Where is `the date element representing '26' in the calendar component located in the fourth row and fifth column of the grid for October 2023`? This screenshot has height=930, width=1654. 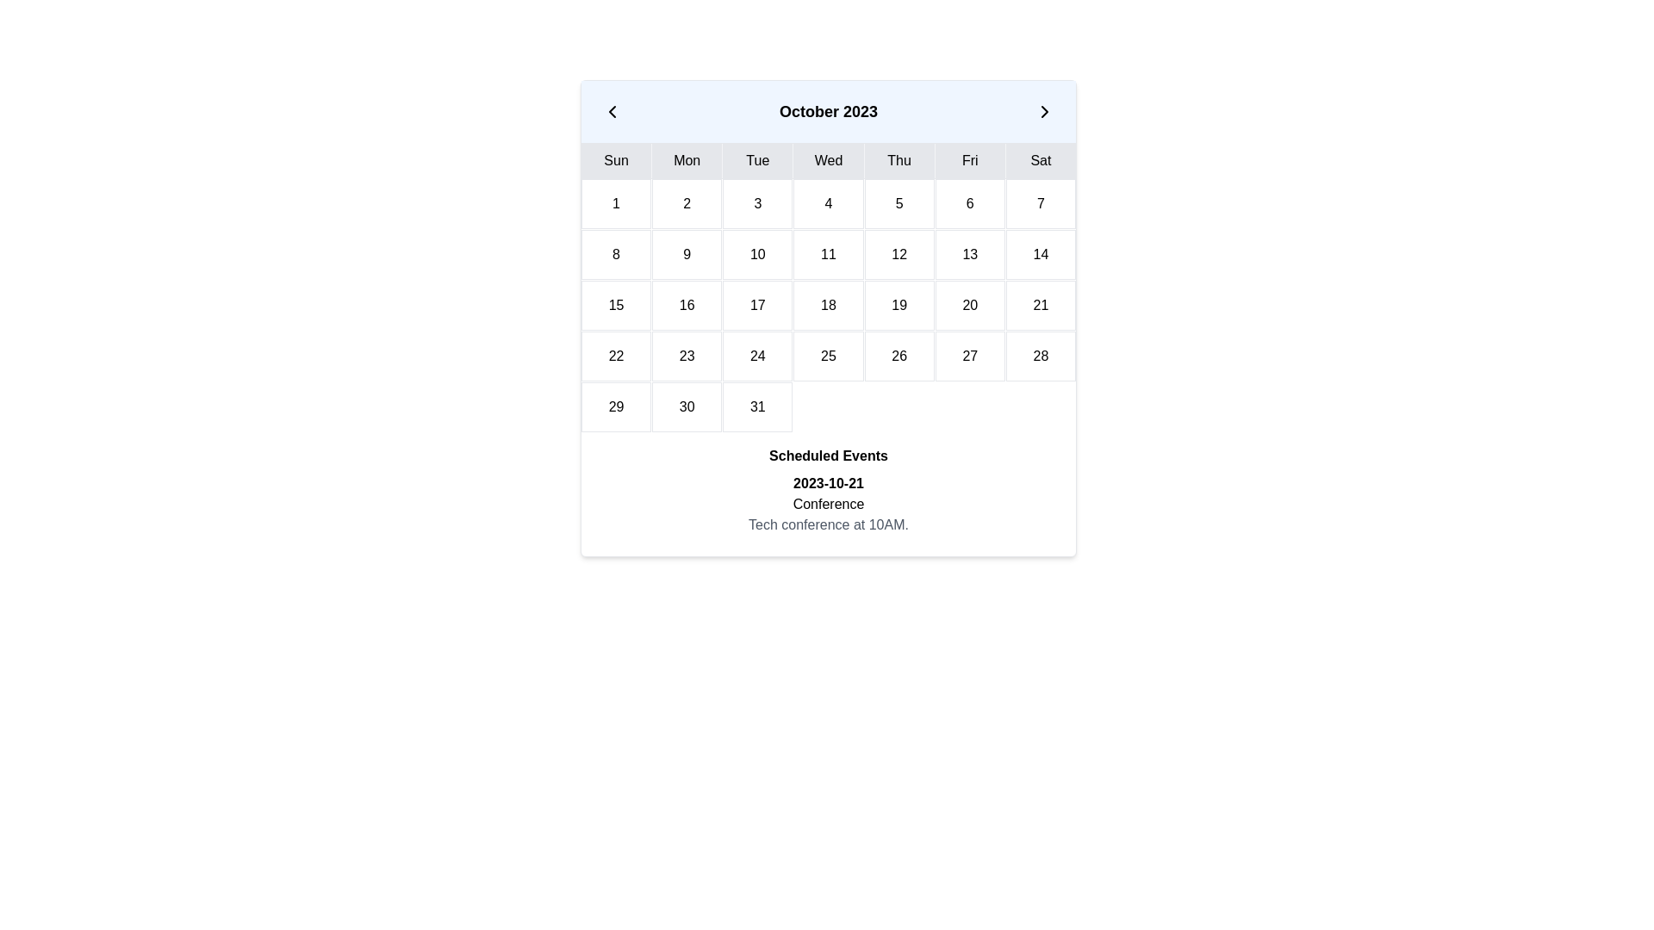 the date element representing '26' in the calendar component located in the fourth row and fifth column of the grid for October 2023 is located at coordinates (899, 355).